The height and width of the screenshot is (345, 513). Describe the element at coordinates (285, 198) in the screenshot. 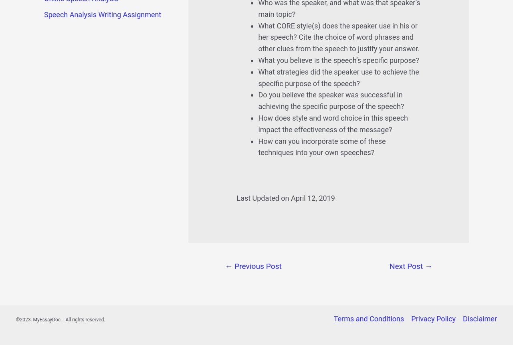

I see `'Last Updated on April 12, 2019'` at that location.